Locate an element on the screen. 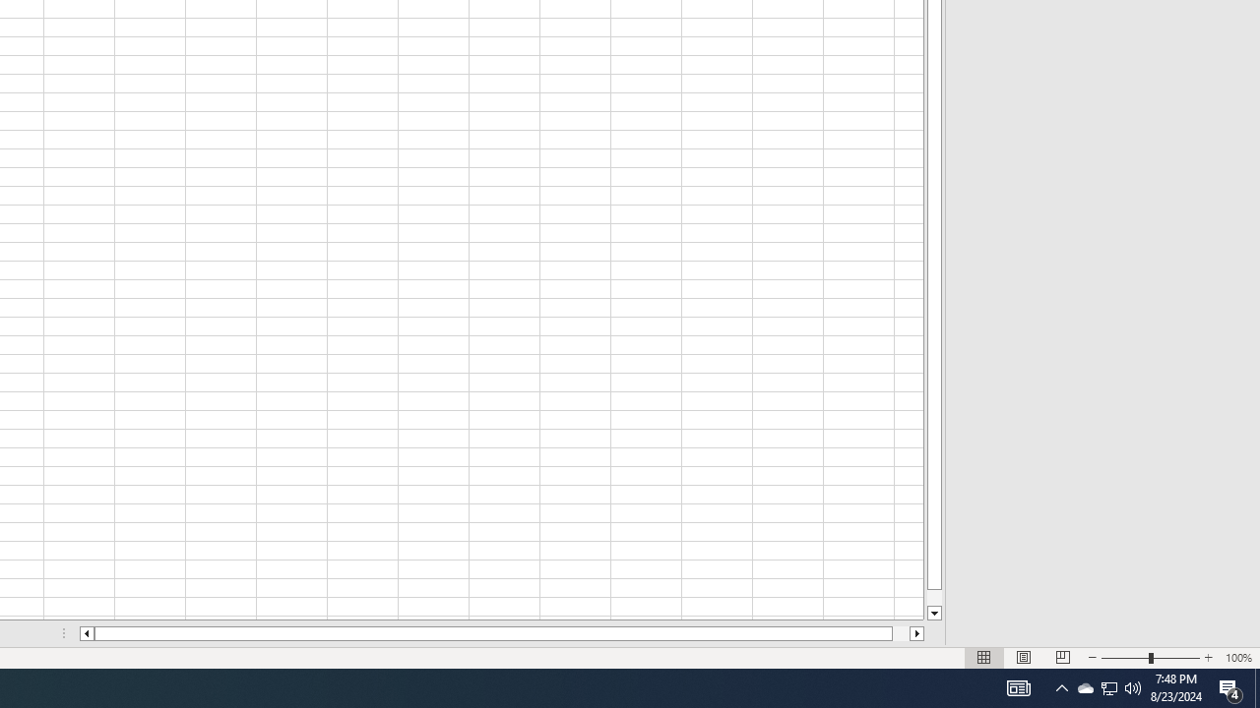  'Zoom Out' is located at coordinates (1125, 658).